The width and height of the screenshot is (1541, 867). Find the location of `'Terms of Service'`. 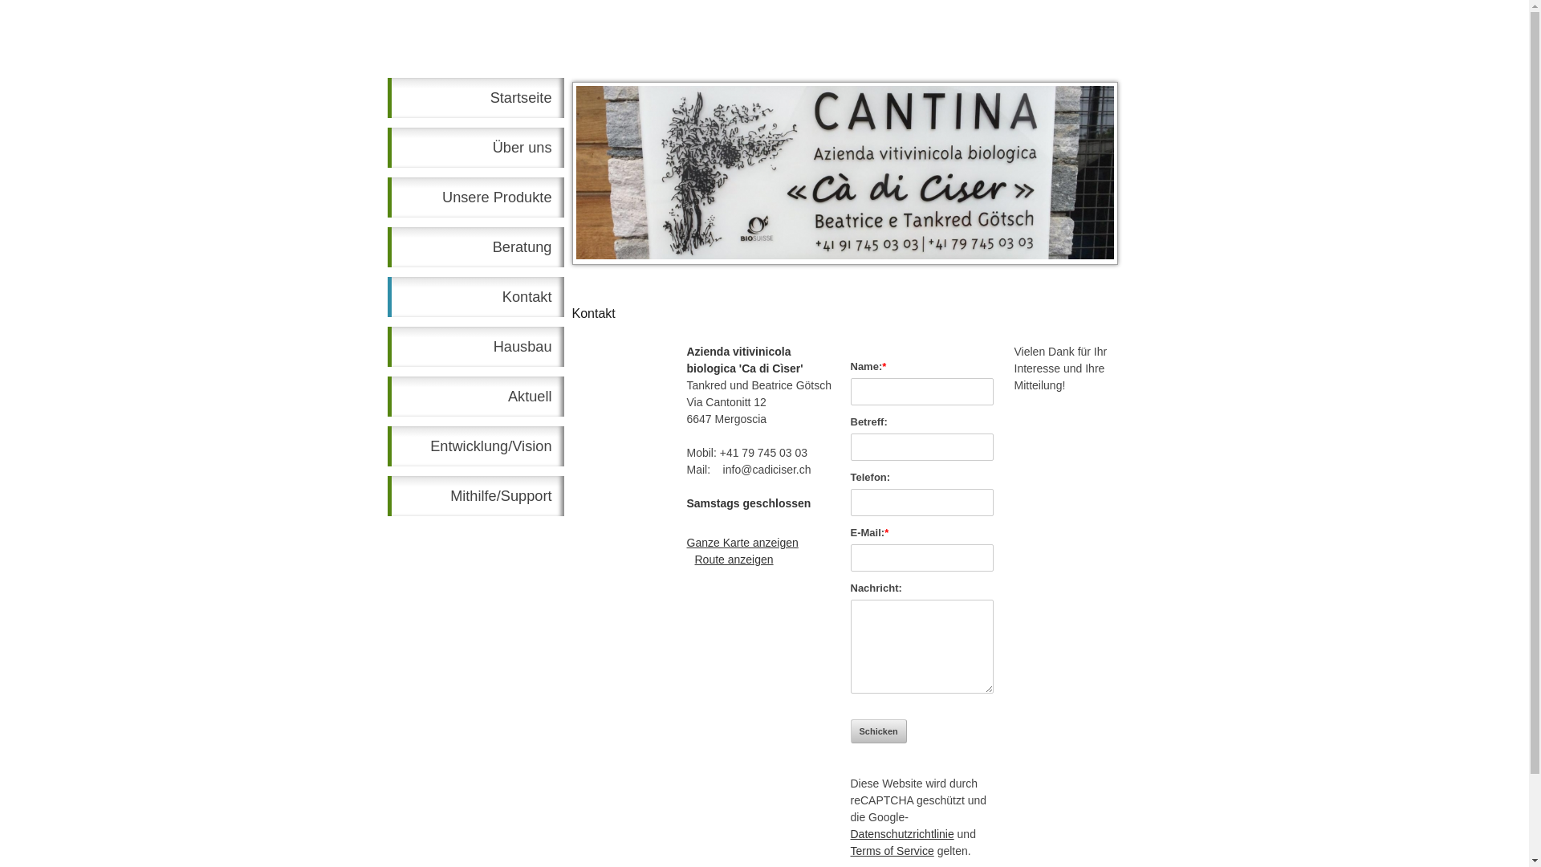

'Terms of Service' is located at coordinates (892, 850).